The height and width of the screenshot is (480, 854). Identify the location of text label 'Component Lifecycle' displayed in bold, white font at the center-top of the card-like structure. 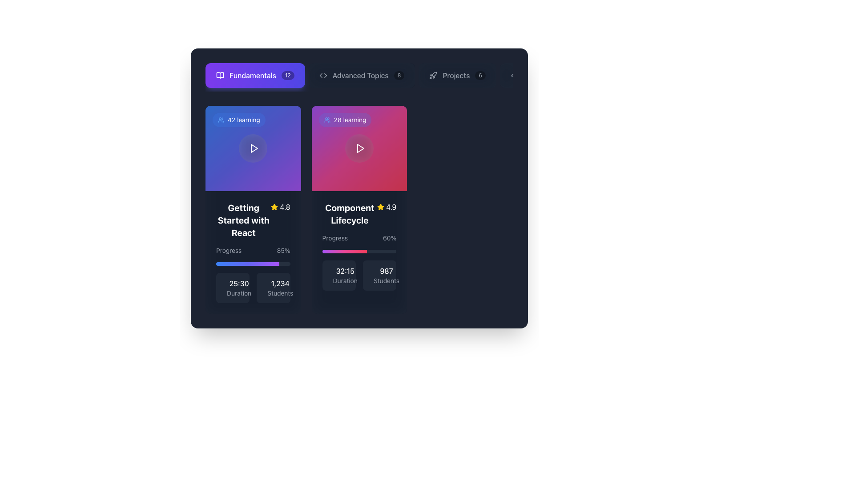
(349, 214).